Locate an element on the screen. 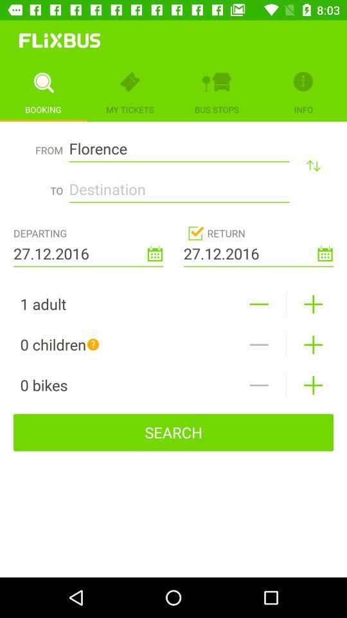  the minus icon is located at coordinates (259, 304).